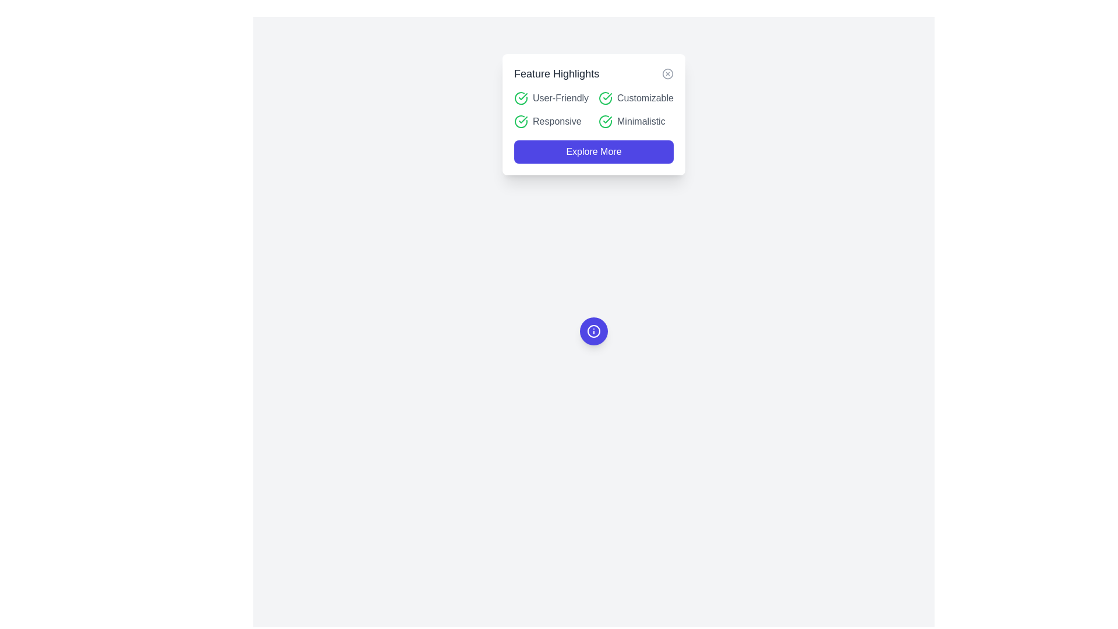  What do you see at coordinates (641, 121) in the screenshot?
I see `text label located in the lower-right corner of the feature highlights box, which serves as a descriptor for a minimalistic feature and is the last of four listed feature descriptions` at bounding box center [641, 121].